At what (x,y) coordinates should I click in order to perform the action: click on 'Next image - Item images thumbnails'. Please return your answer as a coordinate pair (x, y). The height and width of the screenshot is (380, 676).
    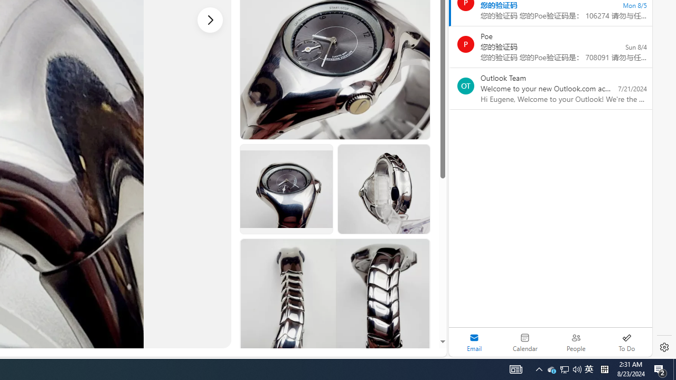
    Looking at the image, I should click on (210, 20).